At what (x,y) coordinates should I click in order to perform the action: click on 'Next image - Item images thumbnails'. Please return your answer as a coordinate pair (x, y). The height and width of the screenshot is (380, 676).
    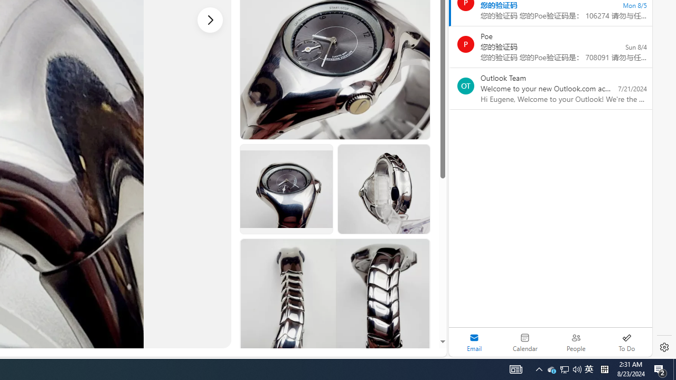
    Looking at the image, I should click on (210, 20).